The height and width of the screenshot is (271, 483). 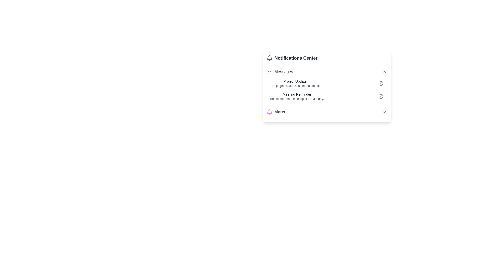 I want to click on the text label displaying 'Meeting Reminder' located in the 'Messages' section of the 'Notifications Center' panel, so click(x=297, y=94).